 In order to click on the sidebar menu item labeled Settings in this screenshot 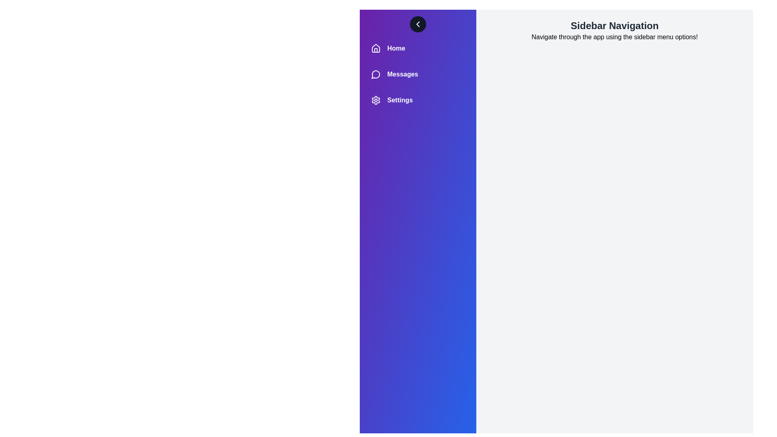, I will do `click(418, 100)`.